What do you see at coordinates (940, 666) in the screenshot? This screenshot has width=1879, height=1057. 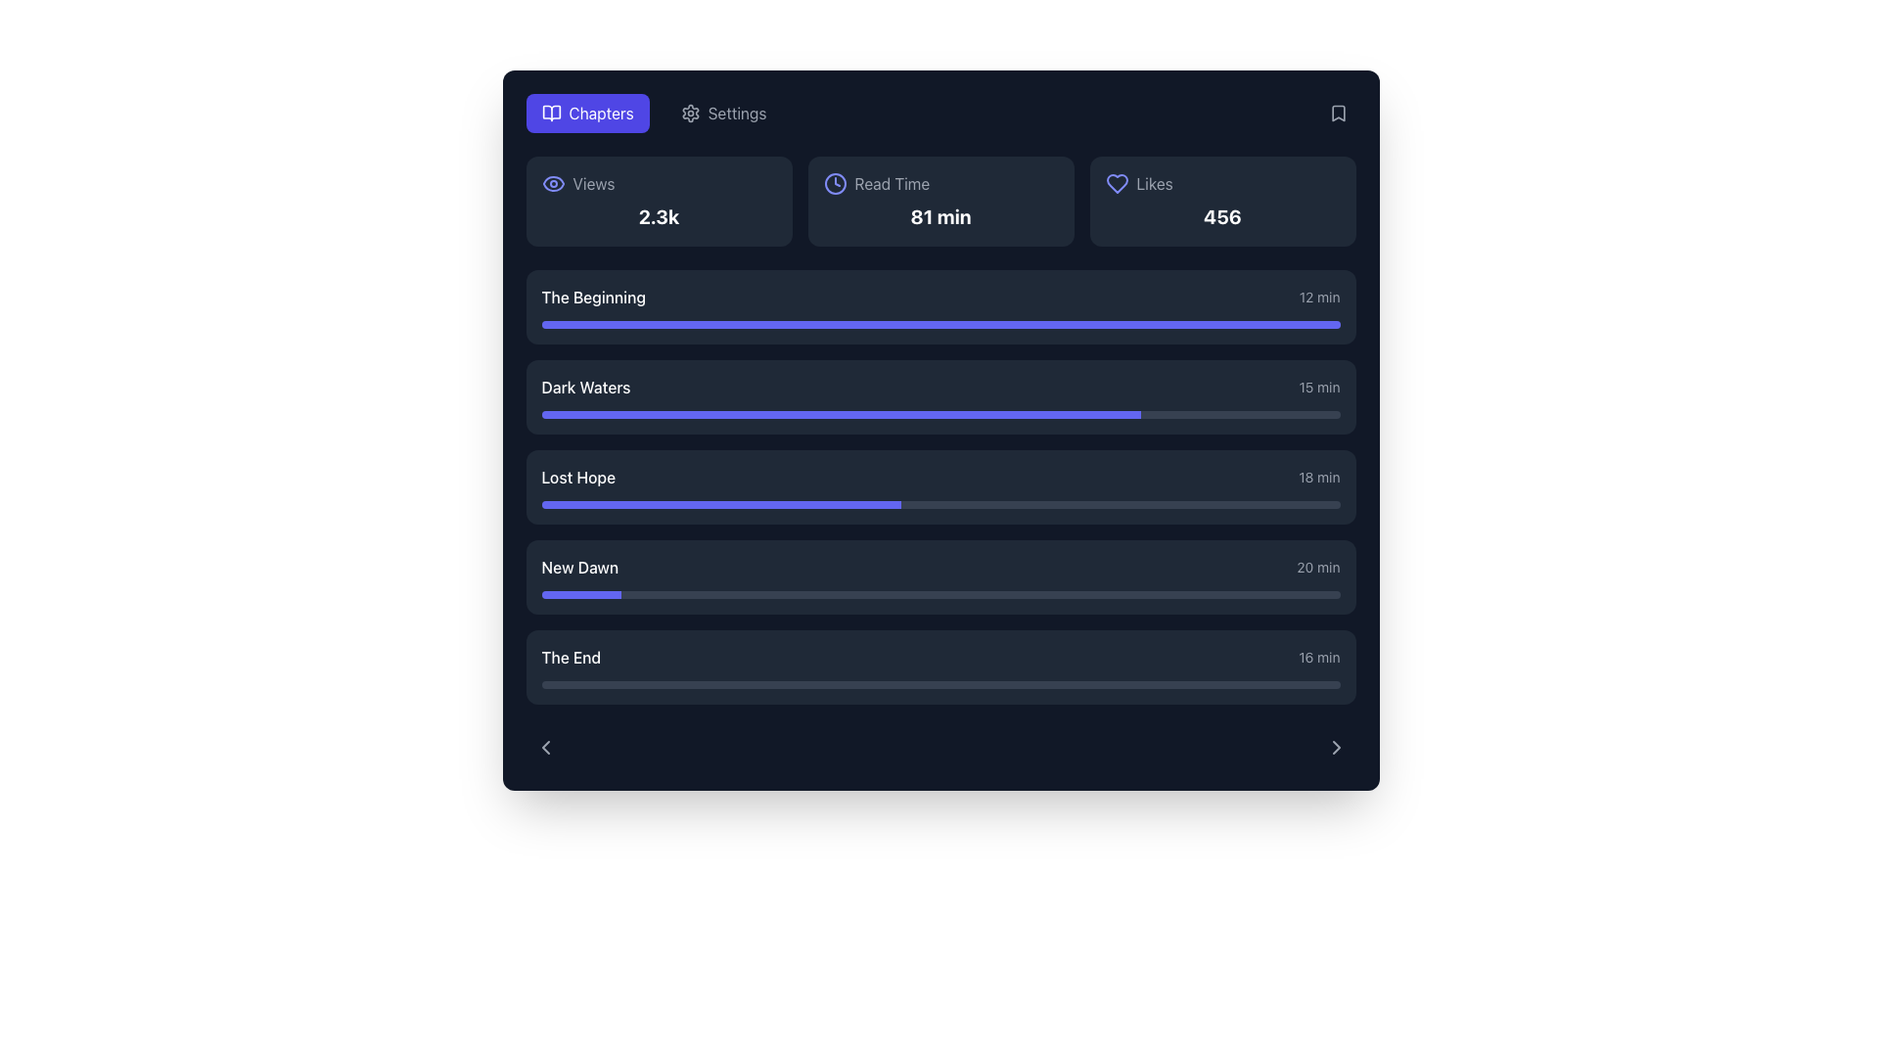 I see `the card titled 'The End' at the bottom of the list` at bounding box center [940, 666].